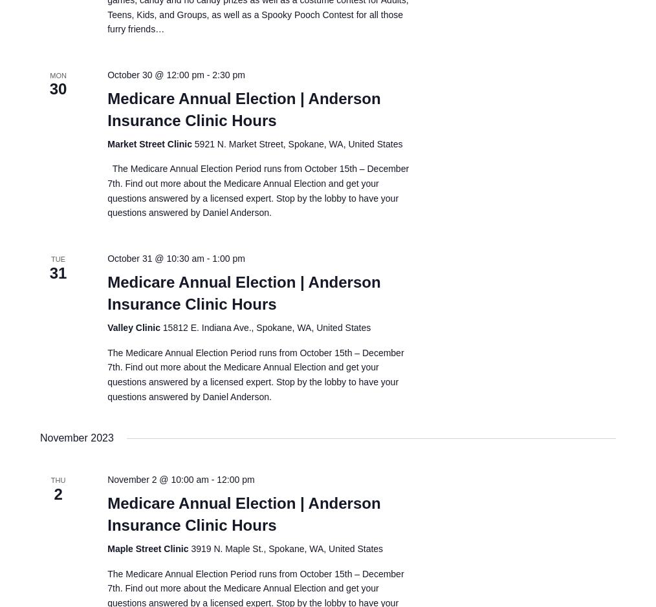  I want to click on '3919 N. Maple St., Spokane, WA, United States', so click(287, 548).